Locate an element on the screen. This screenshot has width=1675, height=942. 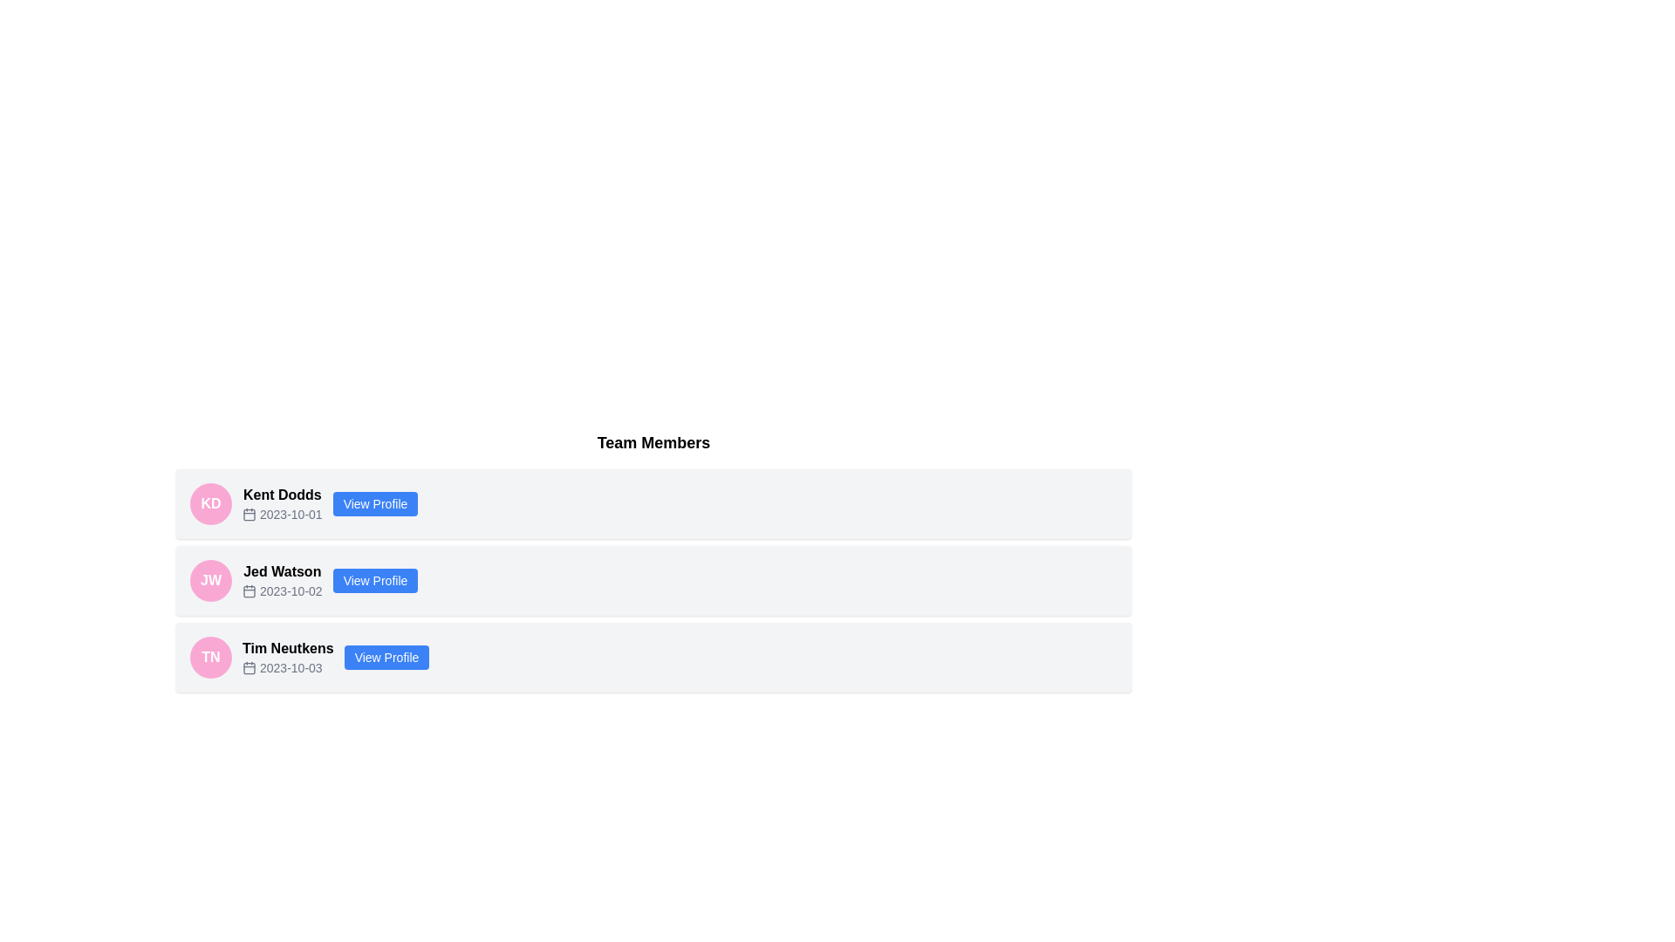
the text label displaying 'Tim Neutkens' in bold font, which is located in the third row of the team members list, positioned to the right of a circular icon and above a date and 'View Profile' button is located at coordinates (288, 649).